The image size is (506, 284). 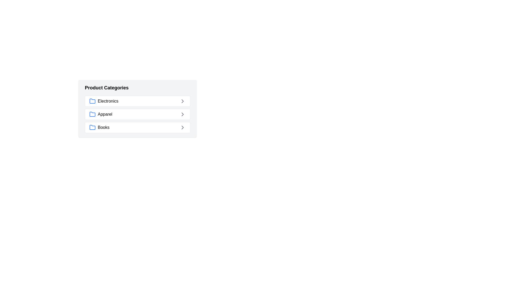 I want to click on the rightward-pointing chevron icon with a thin outline and gray color scheme, located to the far right of the 'Electronics' text, so click(x=182, y=101).